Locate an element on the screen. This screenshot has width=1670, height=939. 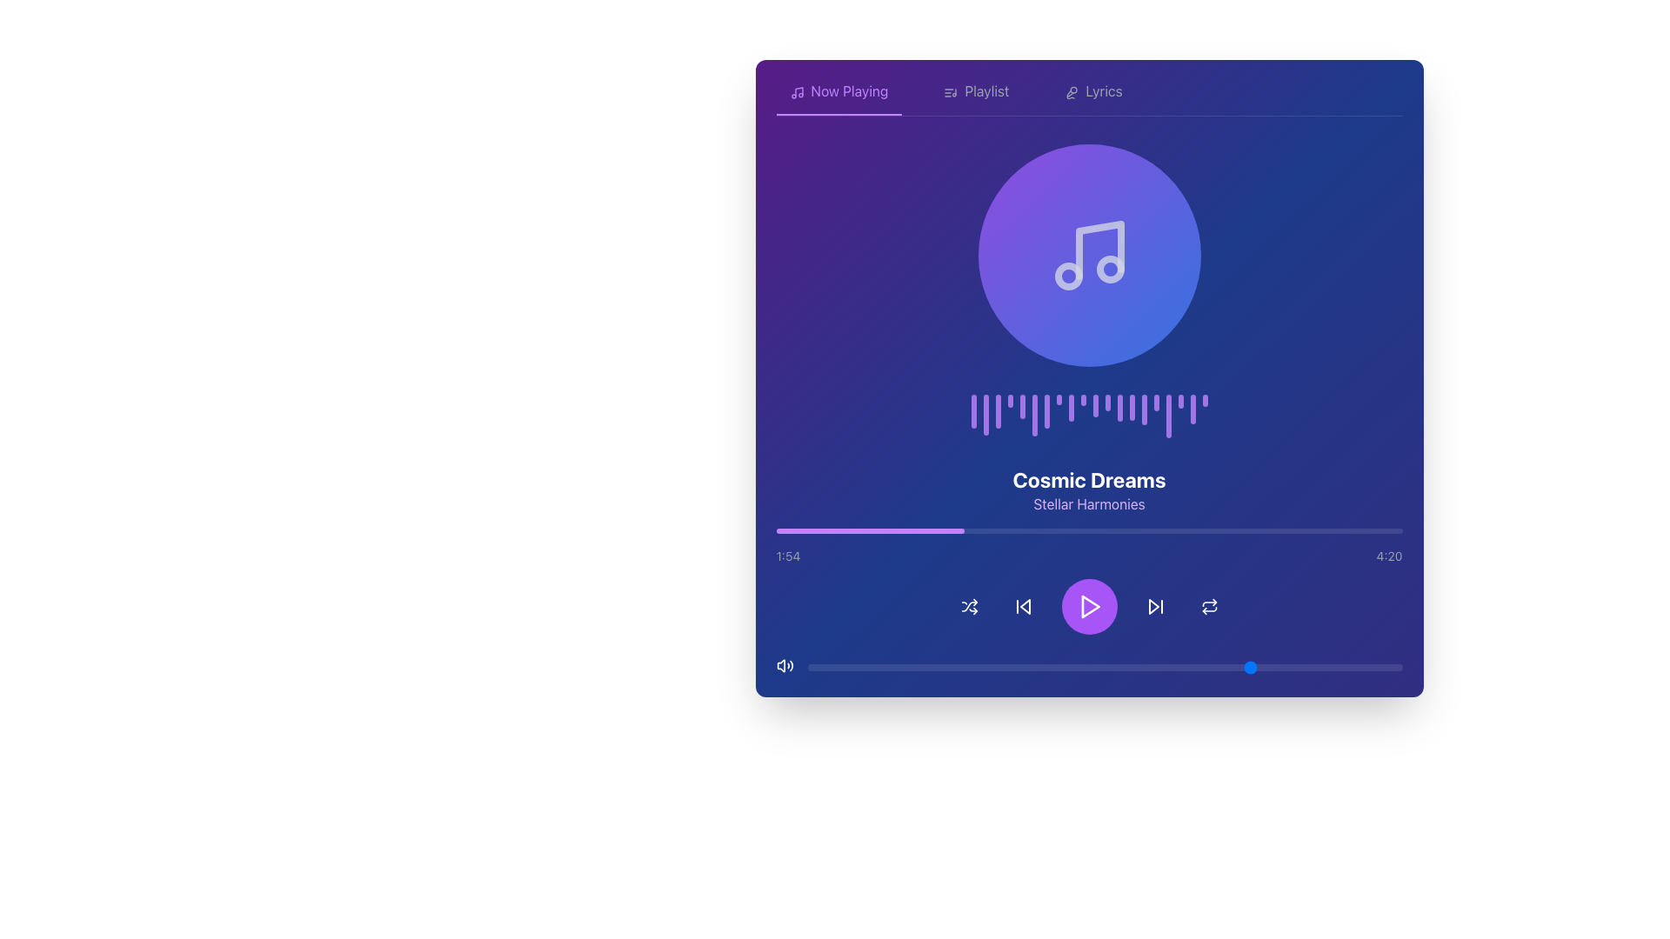
the eighth vertical purple bar in the waveform display, positioned below a musical note icon and above the text 'Cosmic Dreams' and 'Stellar Harmonies' is located at coordinates (1058, 399).